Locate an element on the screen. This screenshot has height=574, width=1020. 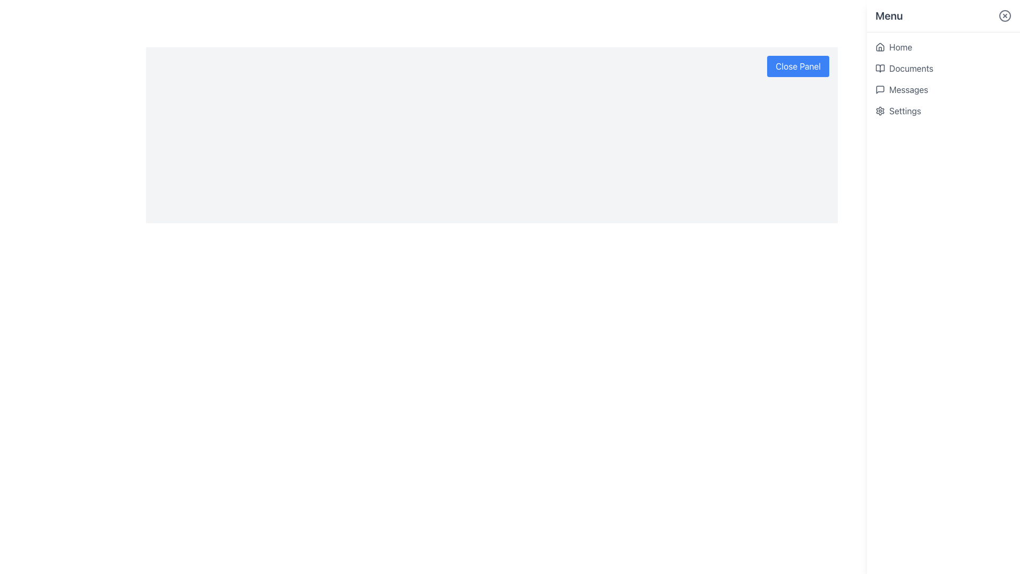
the house-shaped icon next to the text 'Home' in the vertical menu layout is located at coordinates (880, 46).